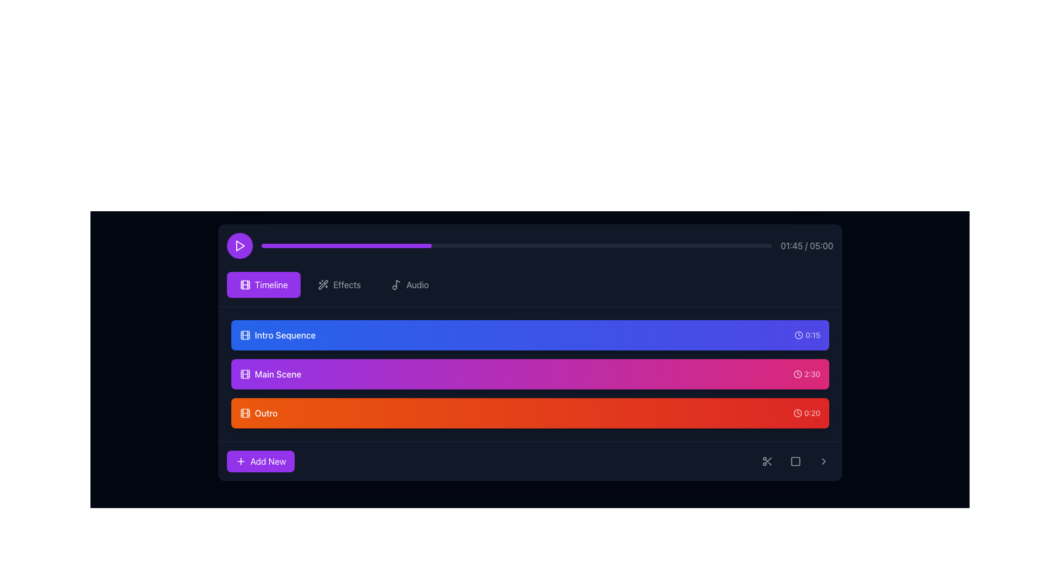  Describe the element at coordinates (798, 373) in the screenshot. I see `Circle SVG element that is part of a clock-like icon located near the upper right corner of the button representing a timing feature, adjacent to the text '0:15'` at that location.